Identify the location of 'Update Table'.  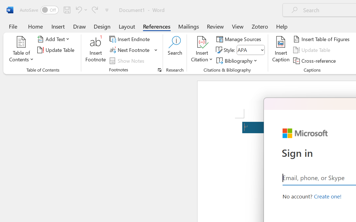
(313, 50).